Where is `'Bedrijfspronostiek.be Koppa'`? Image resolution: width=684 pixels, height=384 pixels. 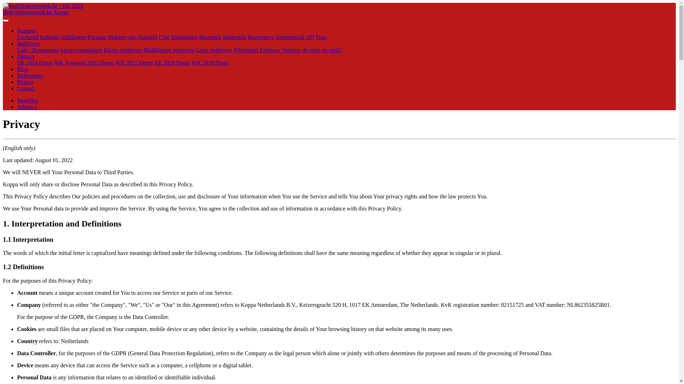 'Bedrijfspronostiek.be Koppa' is located at coordinates (3, 12).